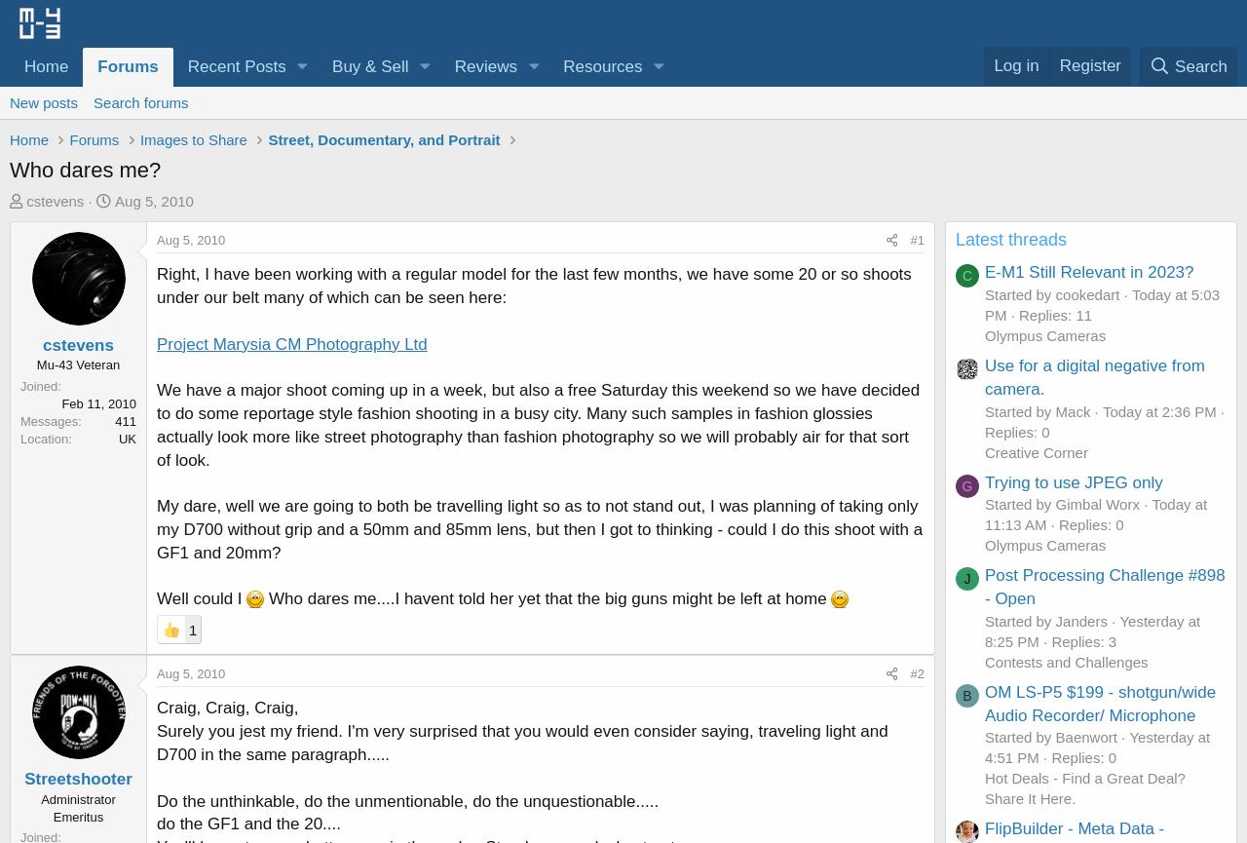 The width and height of the screenshot is (1247, 843). What do you see at coordinates (984, 513) in the screenshot?
I see `'Today at 11:13 AM'` at bounding box center [984, 513].